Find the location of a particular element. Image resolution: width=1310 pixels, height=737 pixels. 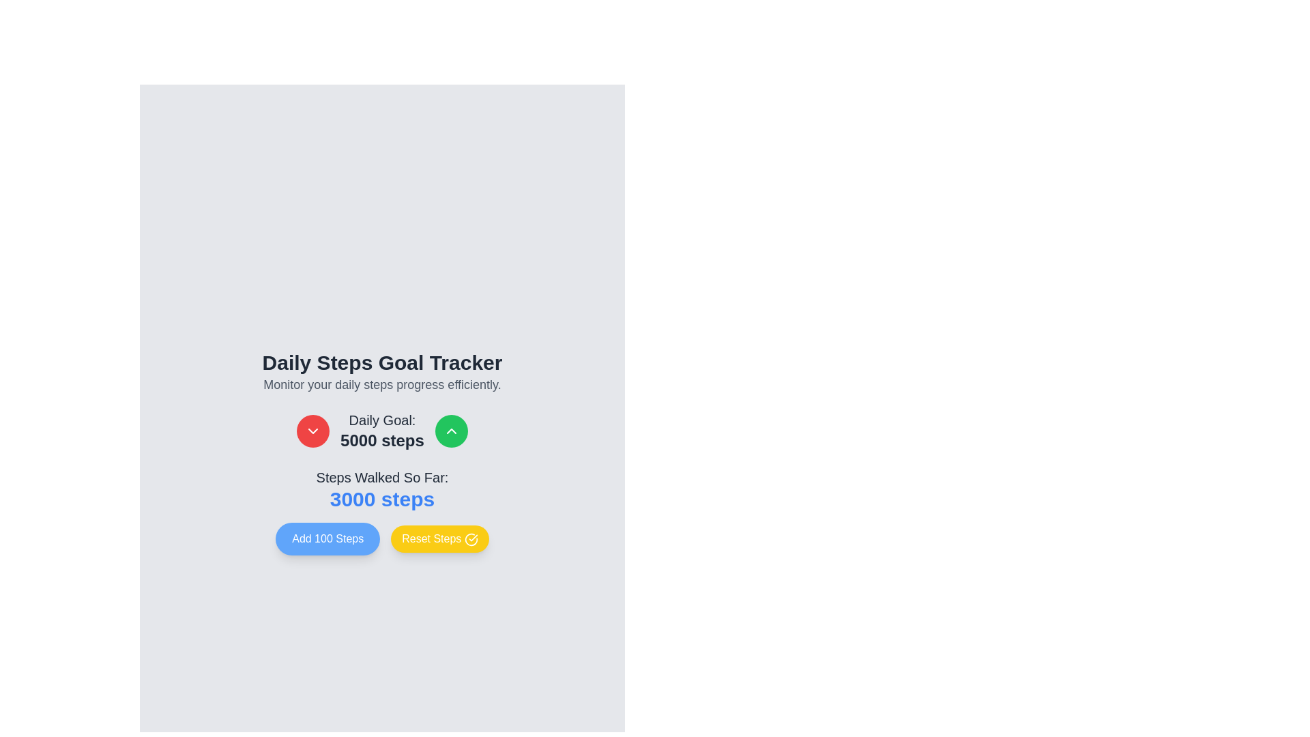

the upward increment icon located in the middle of the green button to the right of the 'Daily Goal: 5000 steps' text is located at coordinates (451, 431).